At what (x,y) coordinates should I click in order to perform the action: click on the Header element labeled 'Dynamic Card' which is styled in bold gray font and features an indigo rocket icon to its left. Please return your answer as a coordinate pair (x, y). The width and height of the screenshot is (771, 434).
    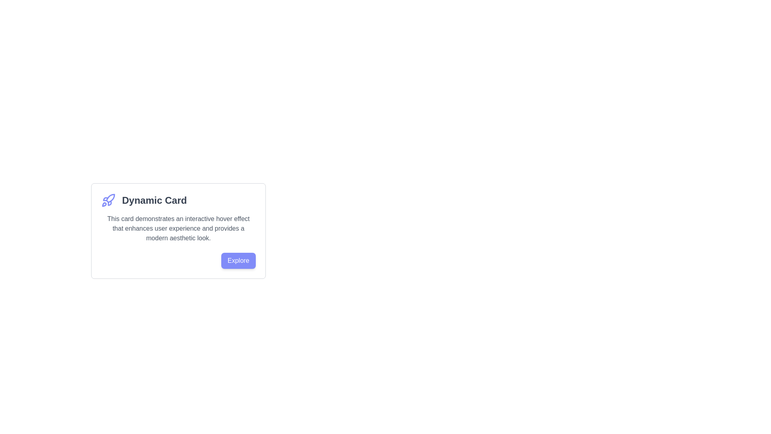
    Looking at the image, I should click on (178, 200).